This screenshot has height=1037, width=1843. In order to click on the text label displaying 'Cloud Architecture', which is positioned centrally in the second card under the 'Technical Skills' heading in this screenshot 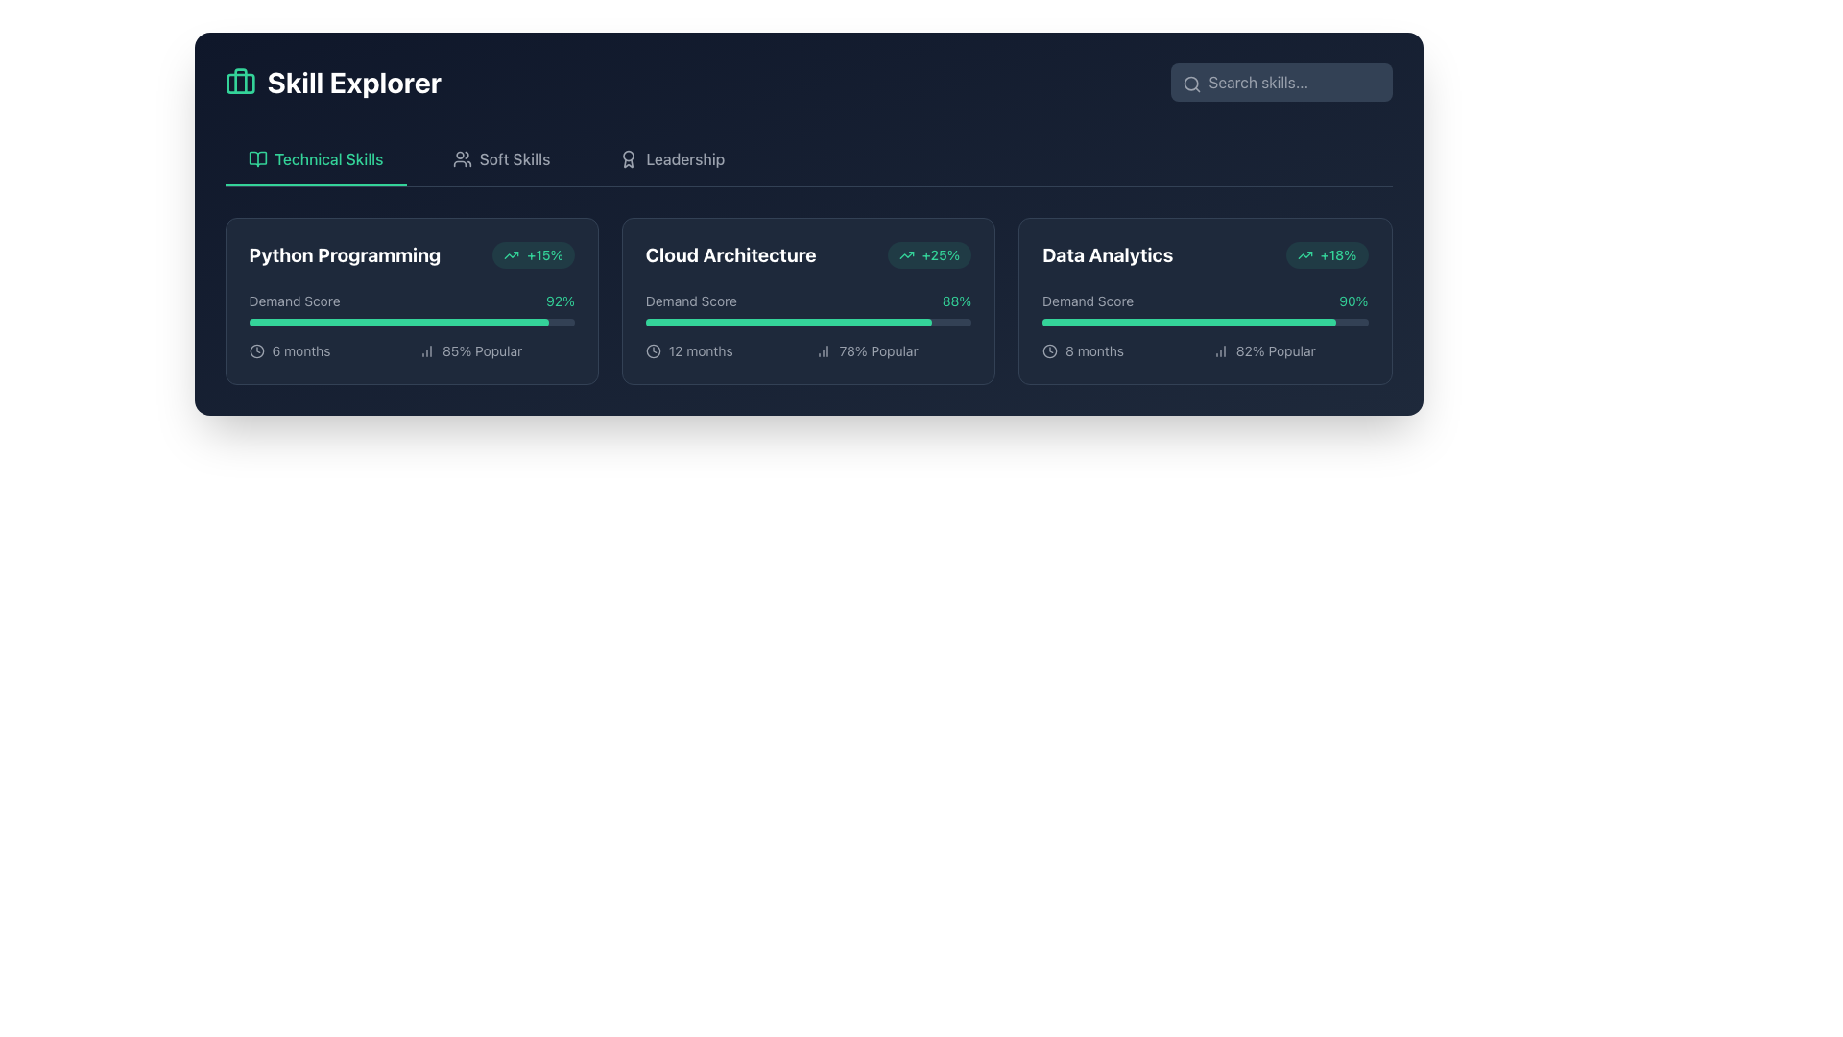, I will do `click(730, 254)`.